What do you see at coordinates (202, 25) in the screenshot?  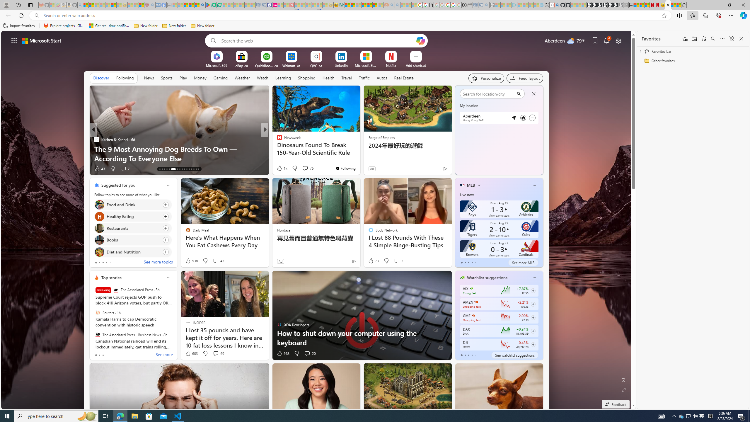 I see `'New folder'` at bounding box center [202, 25].